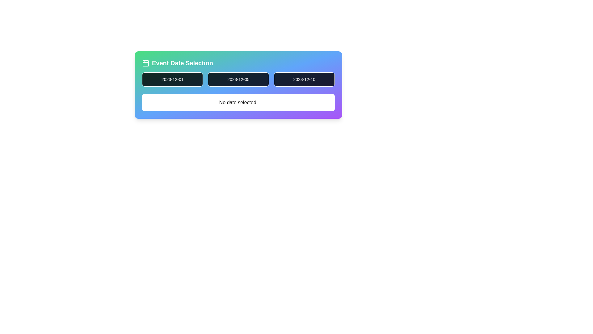 Image resolution: width=593 pixels, height=334 pixels. I want to click on the second date selection button displaying '2023-12-05', so click(238, 79).